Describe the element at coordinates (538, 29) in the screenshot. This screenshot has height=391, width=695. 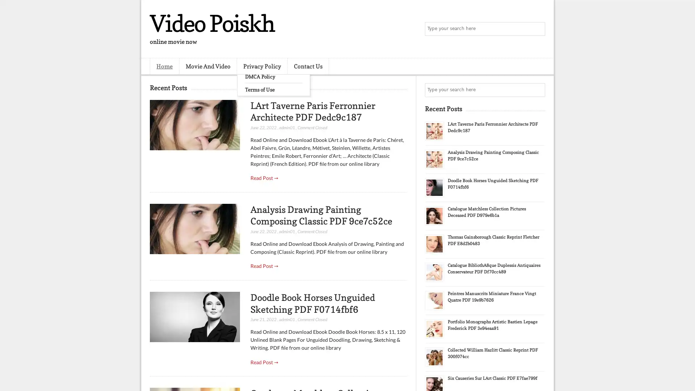
I see `Search` at that location.